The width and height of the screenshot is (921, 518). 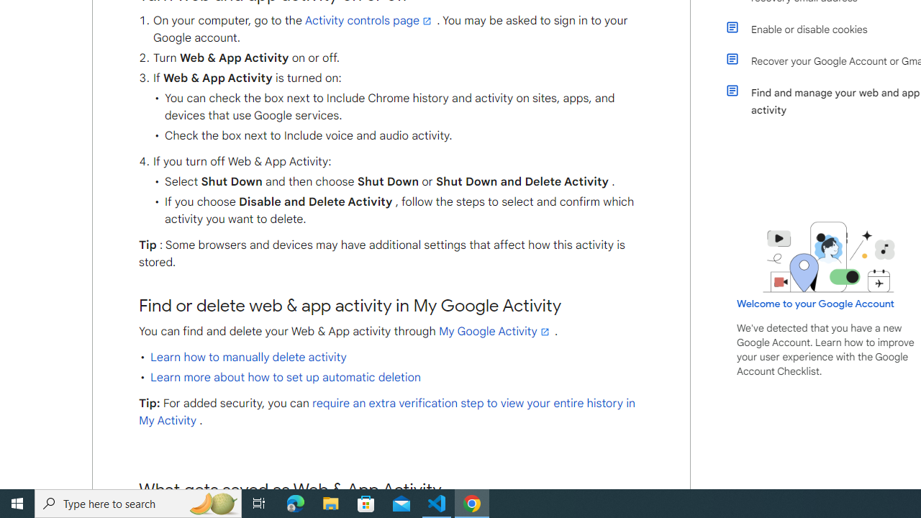 I want to click on 'Learning Center home page image', so click(x=829, y=256).